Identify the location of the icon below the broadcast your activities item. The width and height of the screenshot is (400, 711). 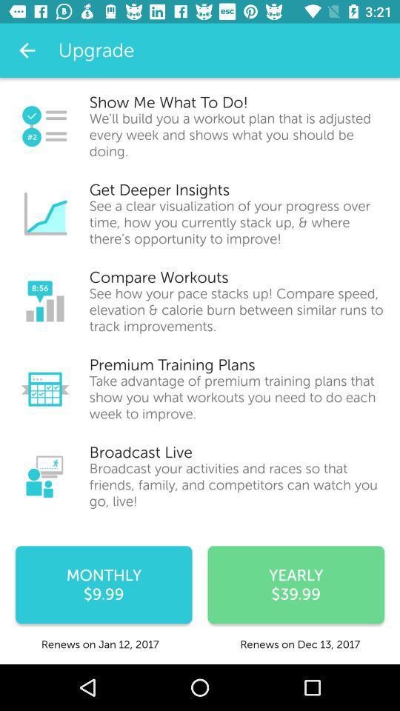
(296, 584).